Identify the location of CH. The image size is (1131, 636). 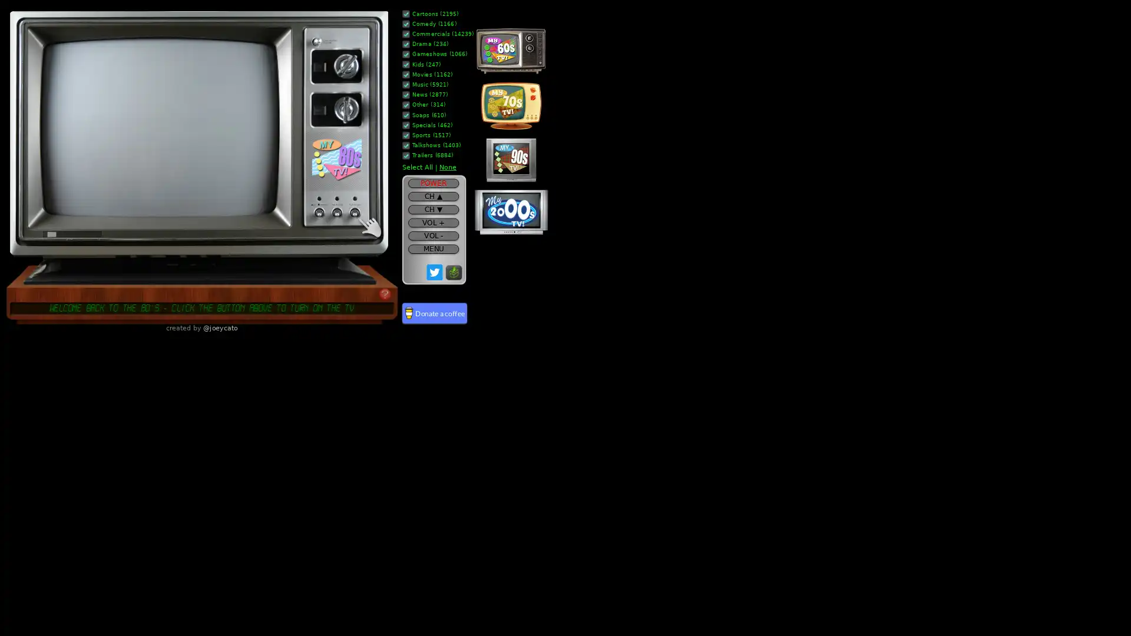
(432, 195).